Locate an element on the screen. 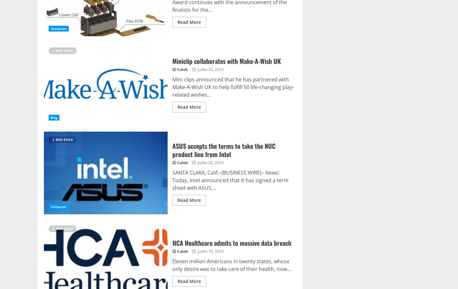 Image resolution: width=458 pixels, height=289 pixels. 'SANTA CLARA, Calif.–(BUSINESS WIRE)– News: Today, Intel announced that it has signed a term sheet with ASUS,...' is located at coordinates (230, 180).